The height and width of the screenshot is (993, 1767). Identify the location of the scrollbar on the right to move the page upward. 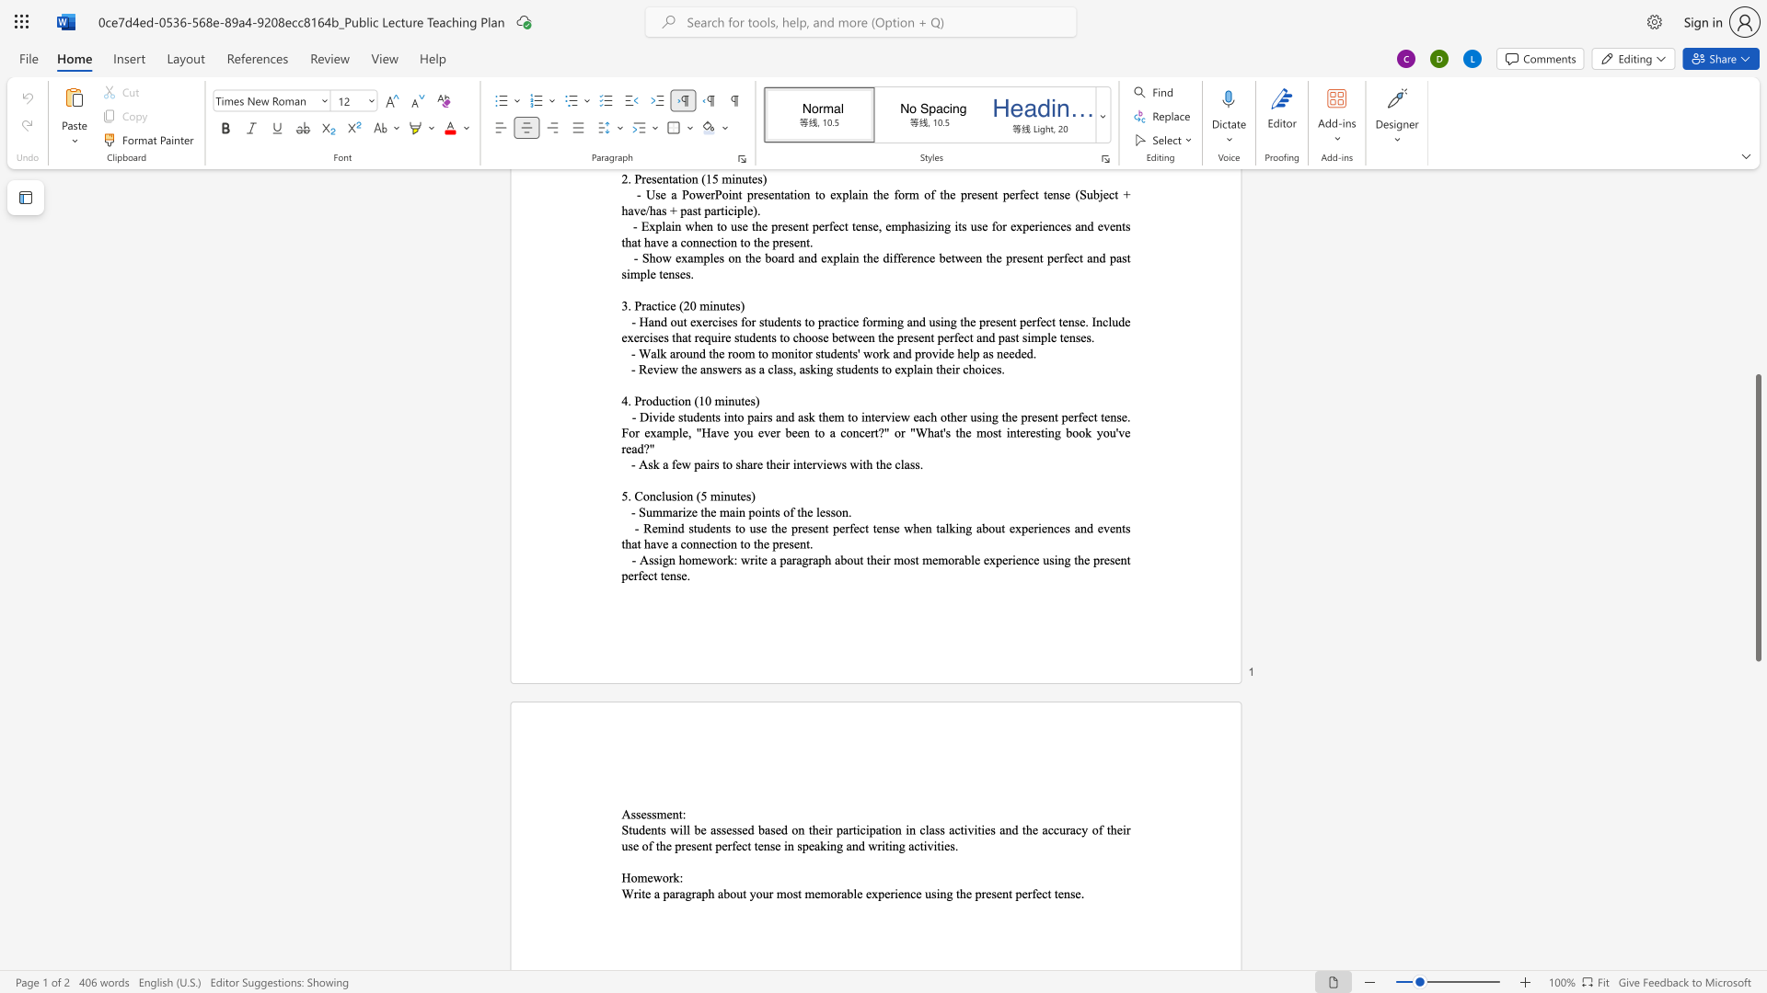
(1757, 349).